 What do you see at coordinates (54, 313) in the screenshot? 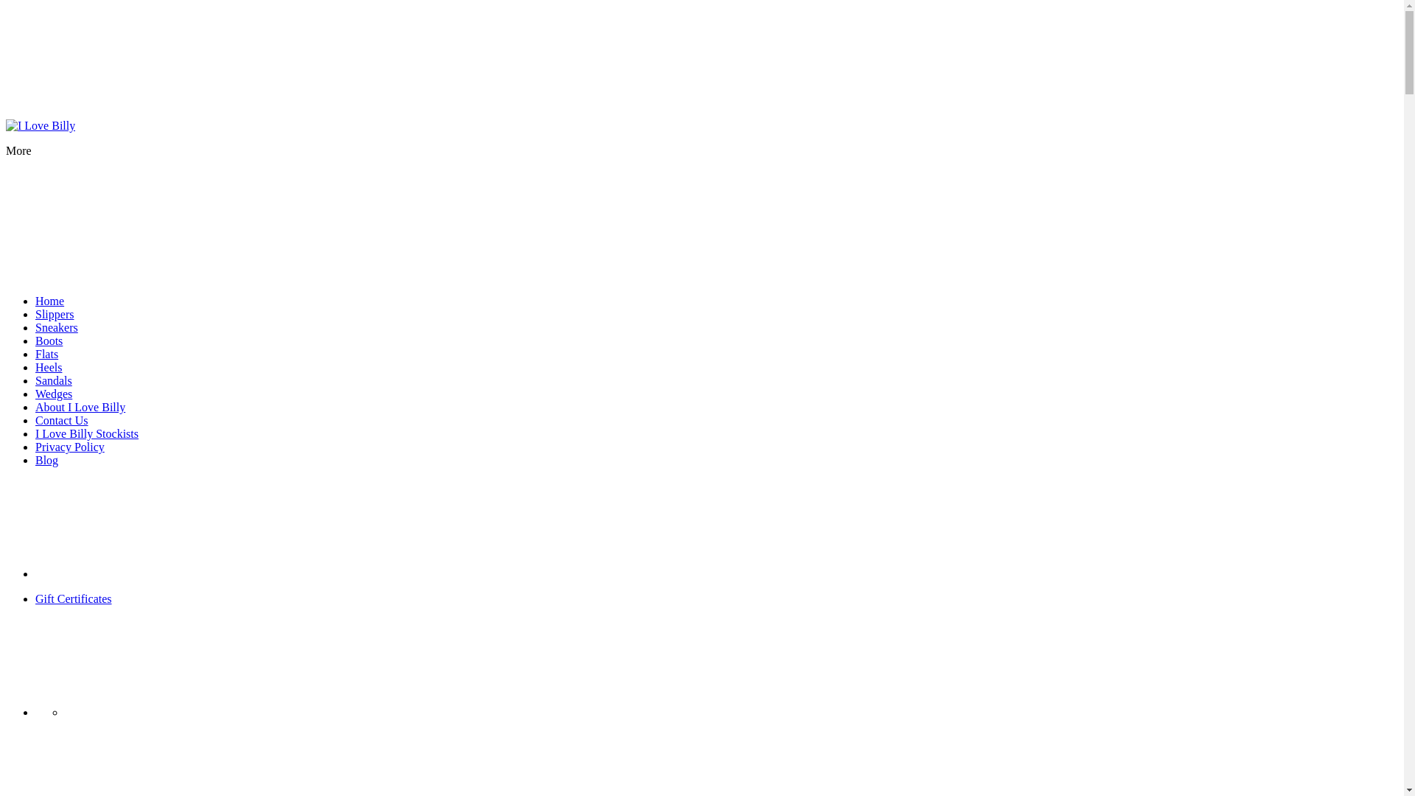
I see `'Slippers'` at bounding box center [54, 313].